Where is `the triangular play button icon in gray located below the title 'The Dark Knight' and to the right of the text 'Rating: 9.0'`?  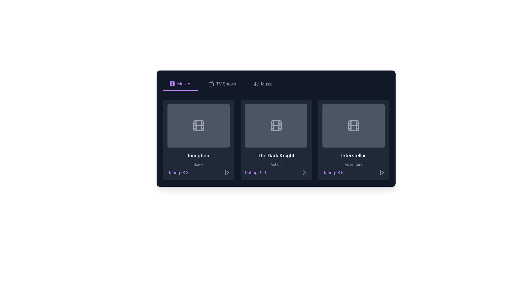 the triangular play button icon in gray located below the title 'The Dark Knight' and to the right of the text 'Rating: 9.0' is located at coordinates (304, 172).